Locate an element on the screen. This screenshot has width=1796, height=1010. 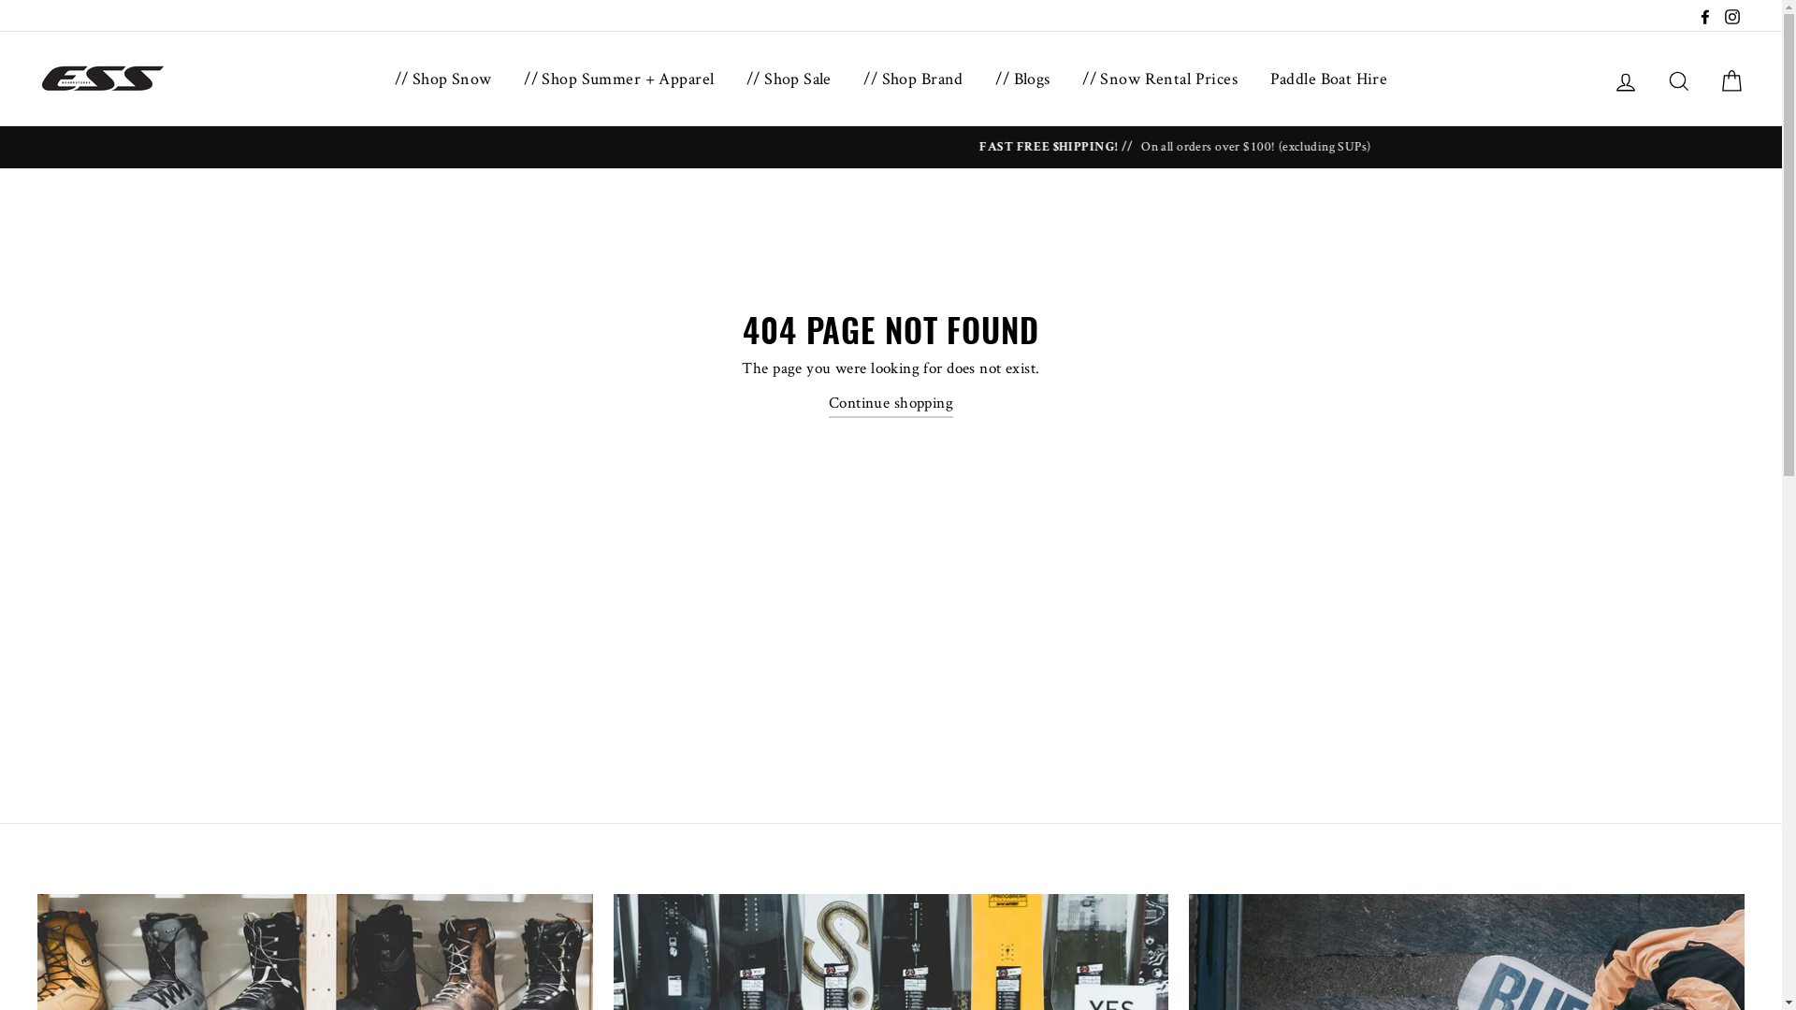
'Instagram' is located at coordinates (1731, 15).